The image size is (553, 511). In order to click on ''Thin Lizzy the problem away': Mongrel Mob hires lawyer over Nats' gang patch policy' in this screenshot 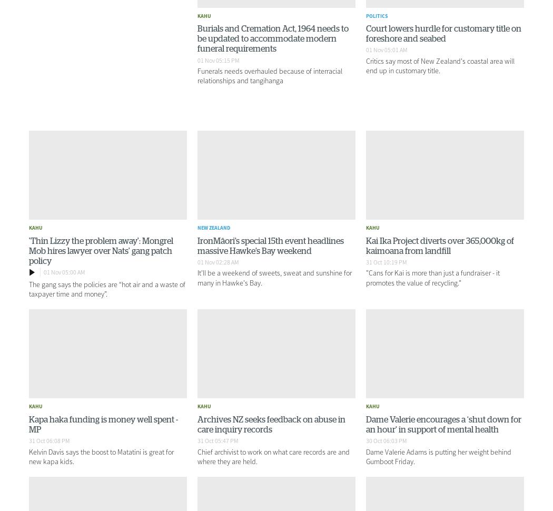, I will do `click(101, 250)`.